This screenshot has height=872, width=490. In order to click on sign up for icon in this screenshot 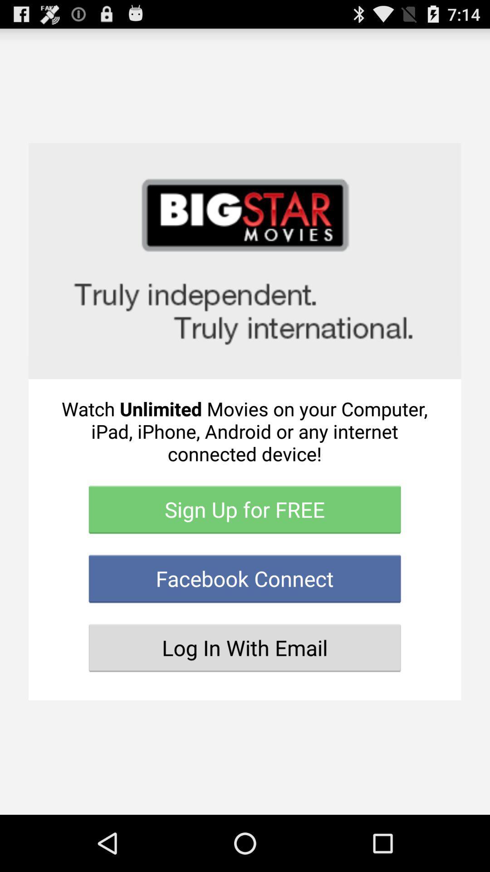, I will do `click(244, 510)`.